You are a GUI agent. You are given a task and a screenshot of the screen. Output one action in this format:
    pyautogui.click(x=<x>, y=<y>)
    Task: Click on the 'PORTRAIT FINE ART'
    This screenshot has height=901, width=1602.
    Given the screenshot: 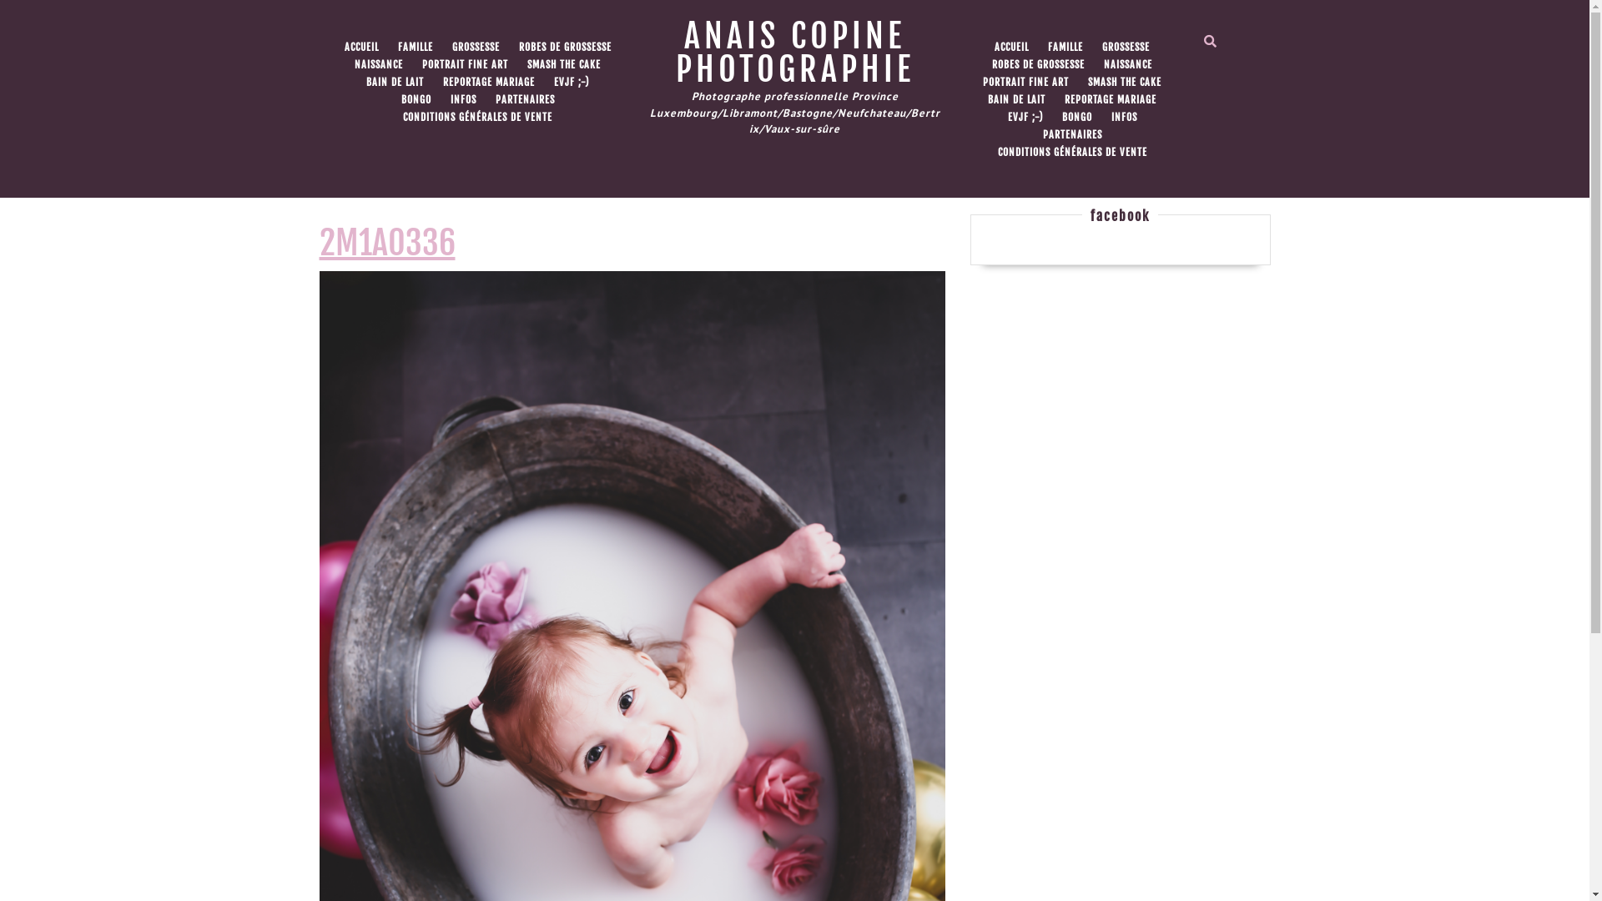 What is the action you would take?
    pyautogui.click(x=465, y=63)
    